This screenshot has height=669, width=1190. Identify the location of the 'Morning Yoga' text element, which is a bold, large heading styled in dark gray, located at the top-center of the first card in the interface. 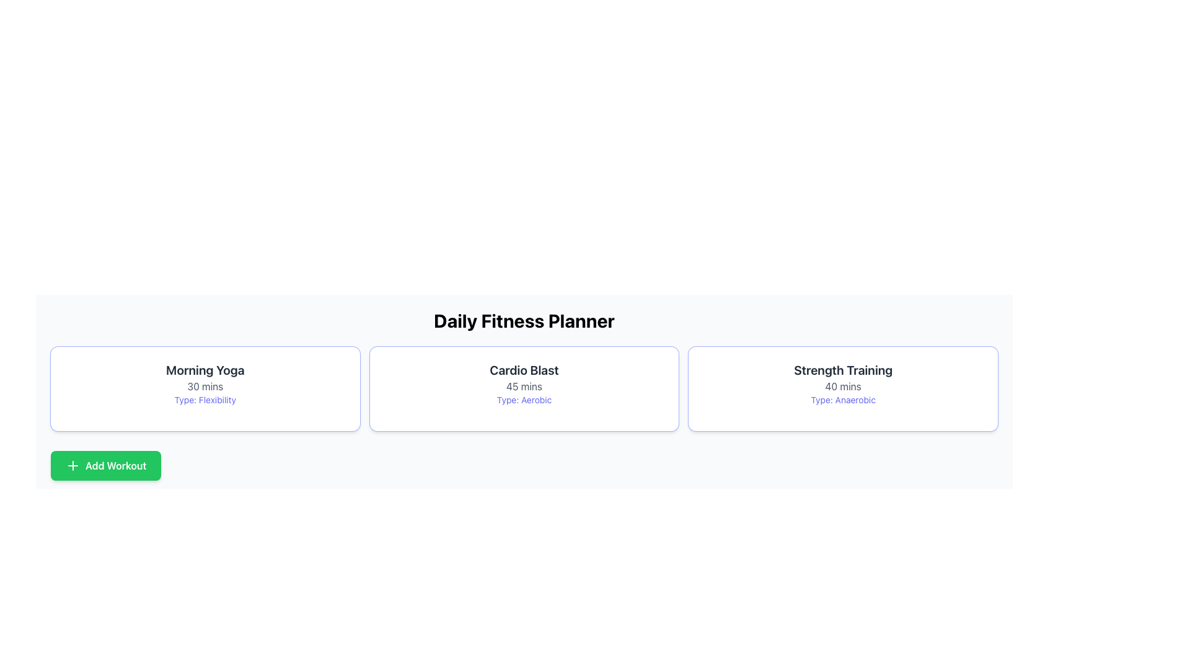
(205, 369).